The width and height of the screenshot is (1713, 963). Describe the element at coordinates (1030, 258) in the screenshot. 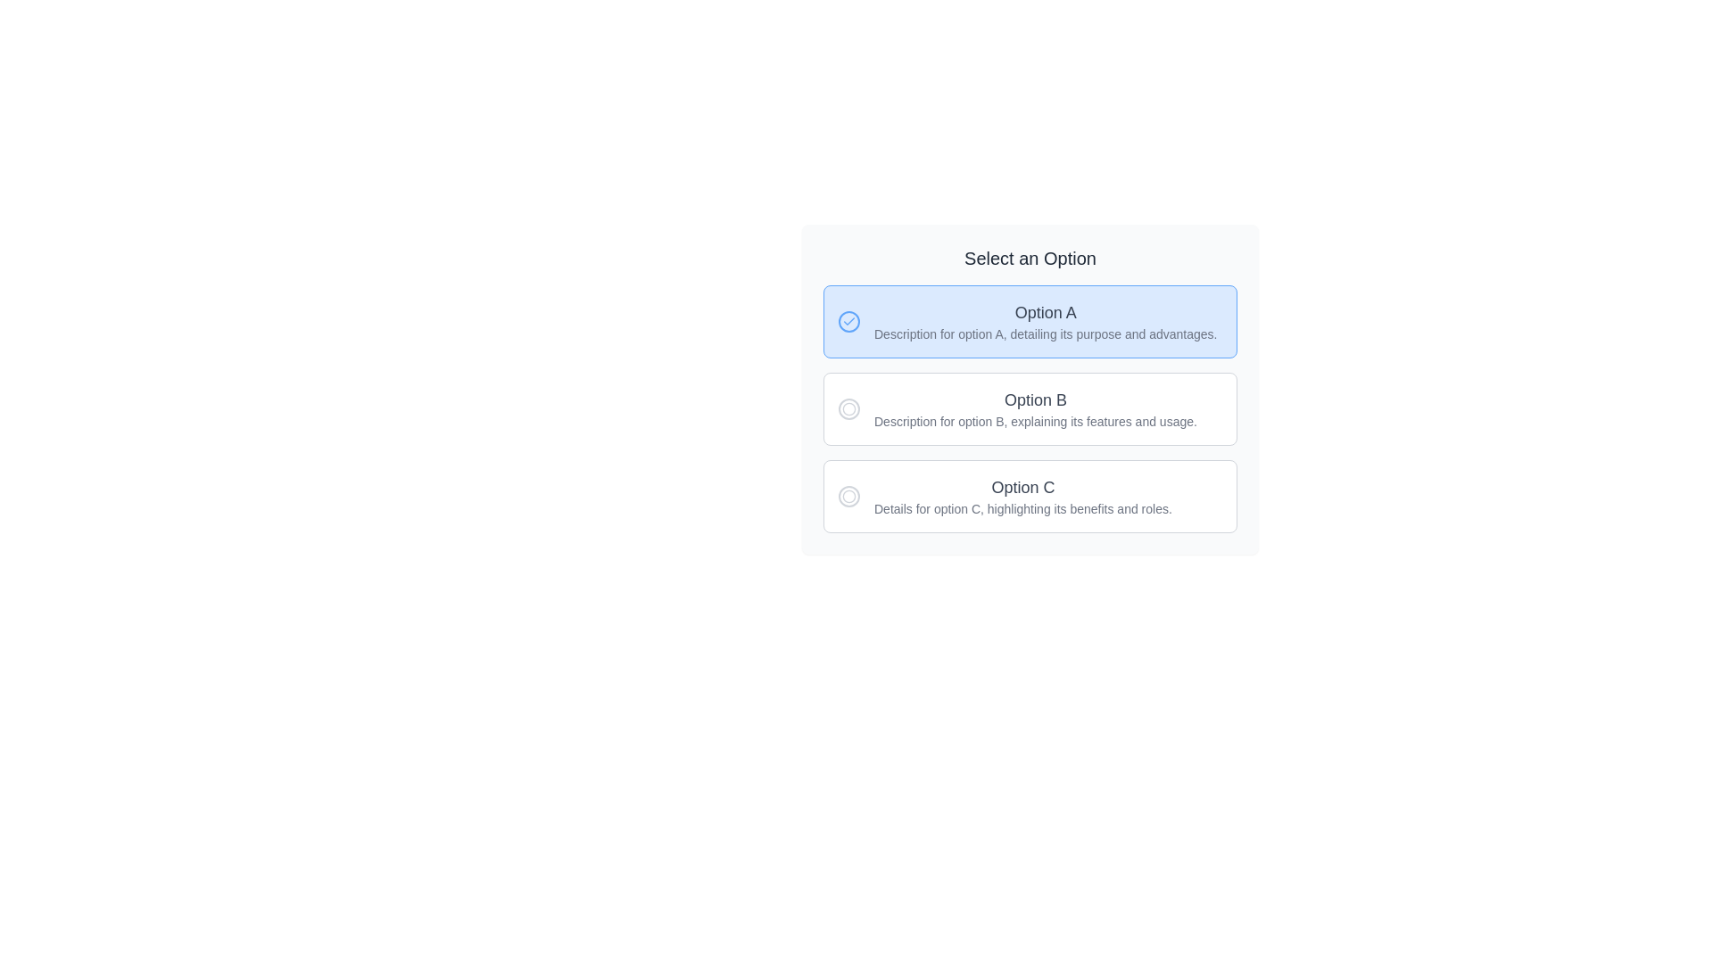

I see `the header text 'Select an Option' that is displayed in a bold and large font at the top of the centered card on a light gray background` at that location.